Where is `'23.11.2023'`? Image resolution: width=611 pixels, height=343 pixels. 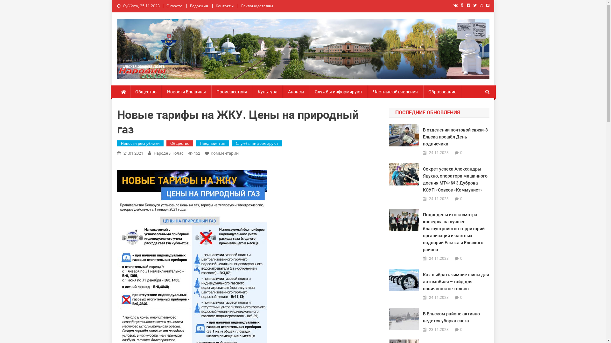 '23.11.2023' is located at coordinates (438, 329).